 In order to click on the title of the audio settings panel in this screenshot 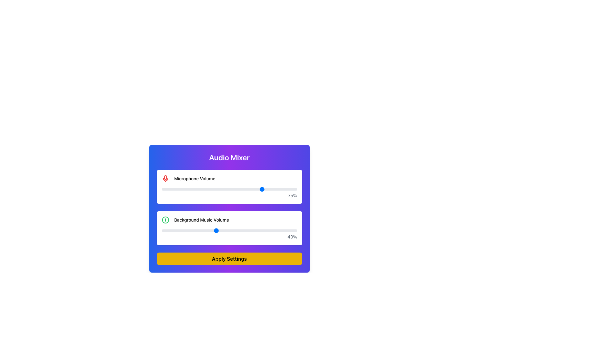, I will do `click(229, 209)`.